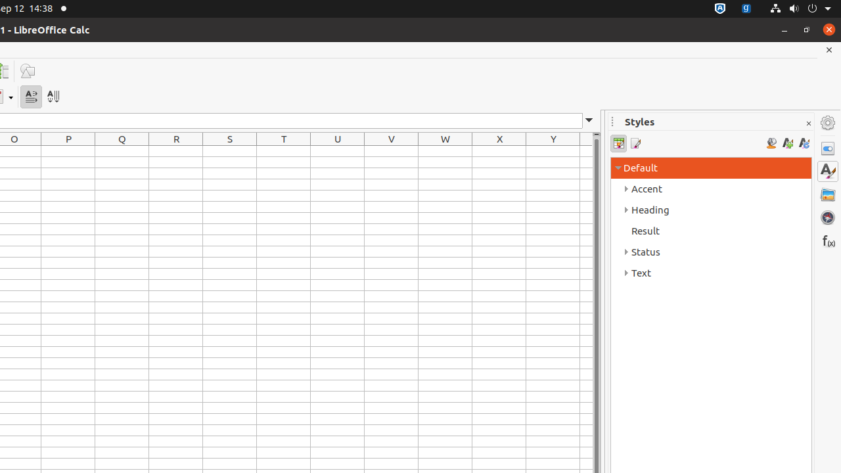  What do you see at coordinates (390, 150) in the screenshot?
I see `'V1'` at bounding box center [390, 150].